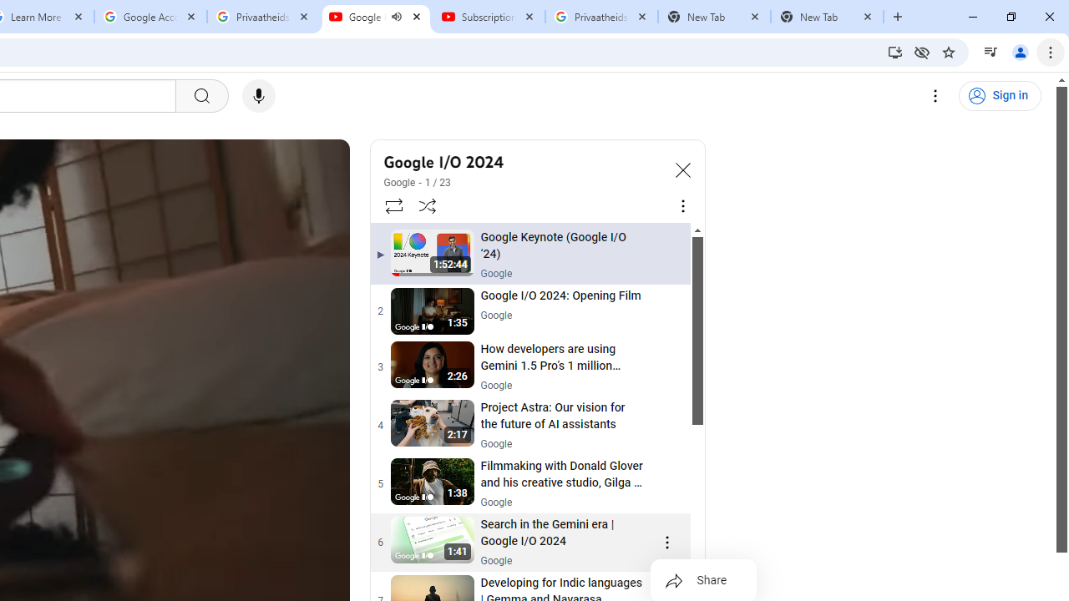 The image size is (1069, 601). Describe the element at coordinates (257, 96) in the screenshot. I see `'Search with your voice'` at that location.